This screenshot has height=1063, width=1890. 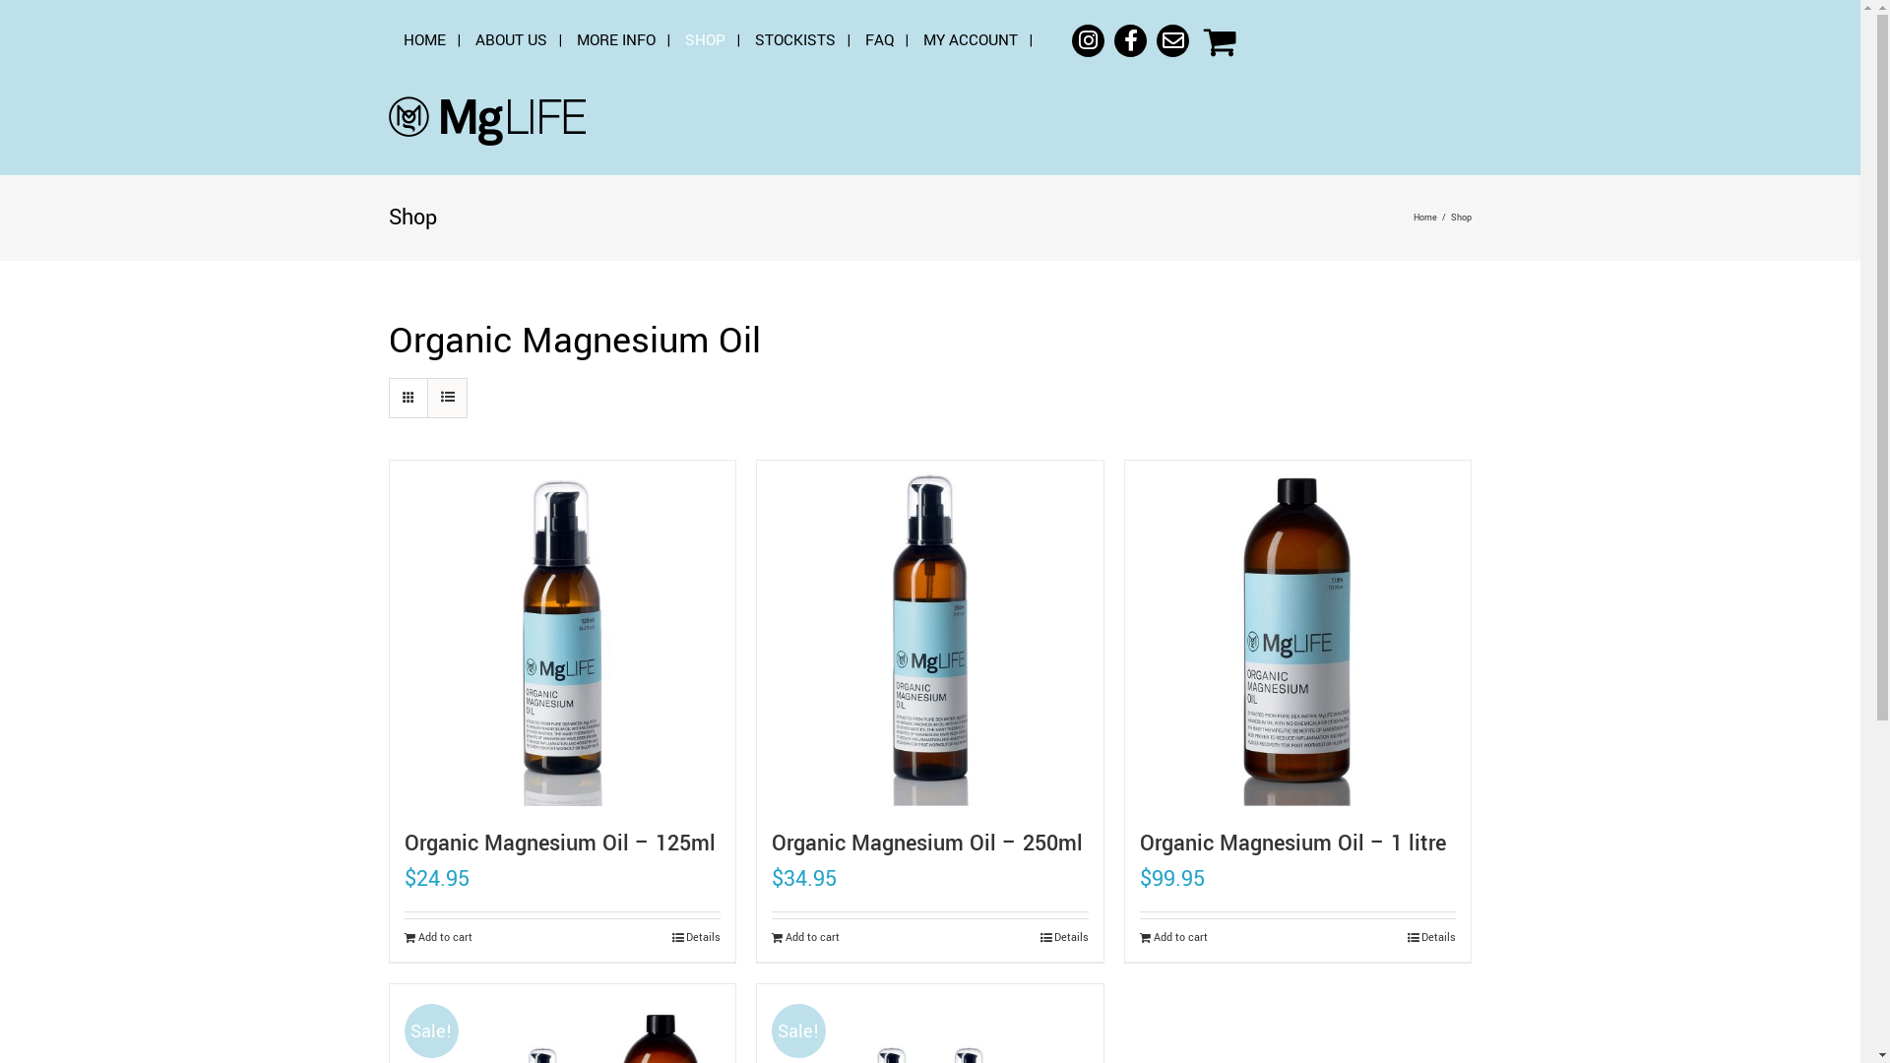 I want to click on 'HOME', so click(x=423, y=40).